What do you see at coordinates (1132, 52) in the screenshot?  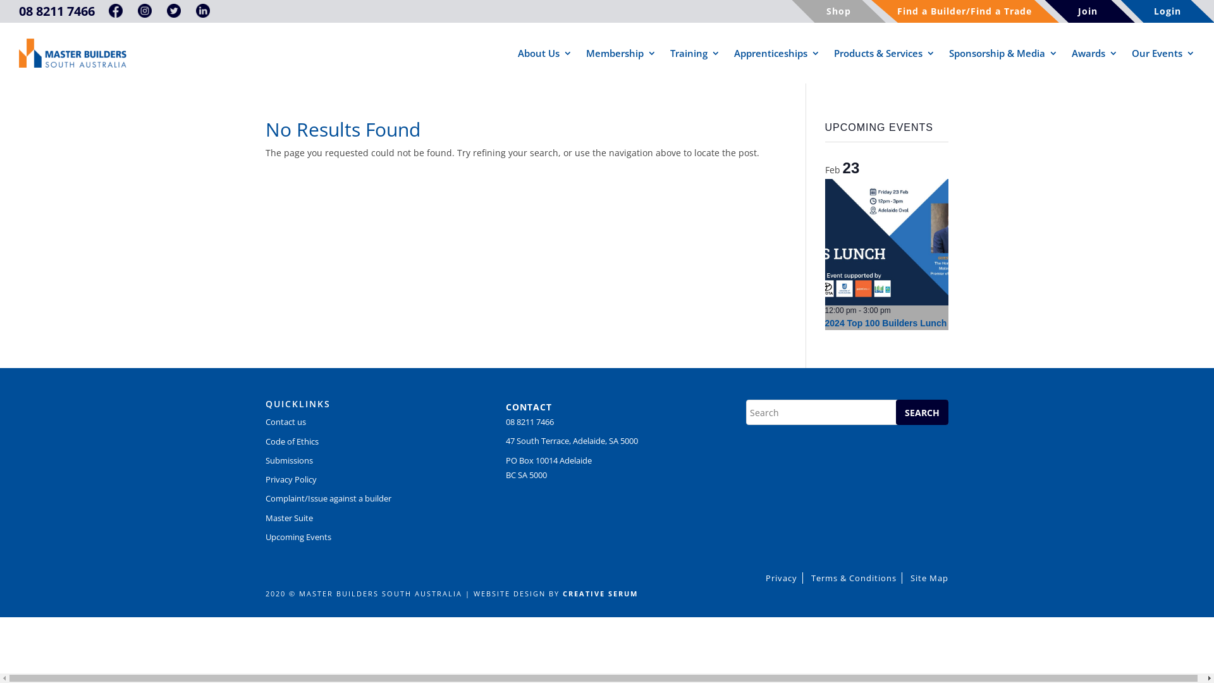 I see `'Our Events'` at bounding box center [1132, 52].